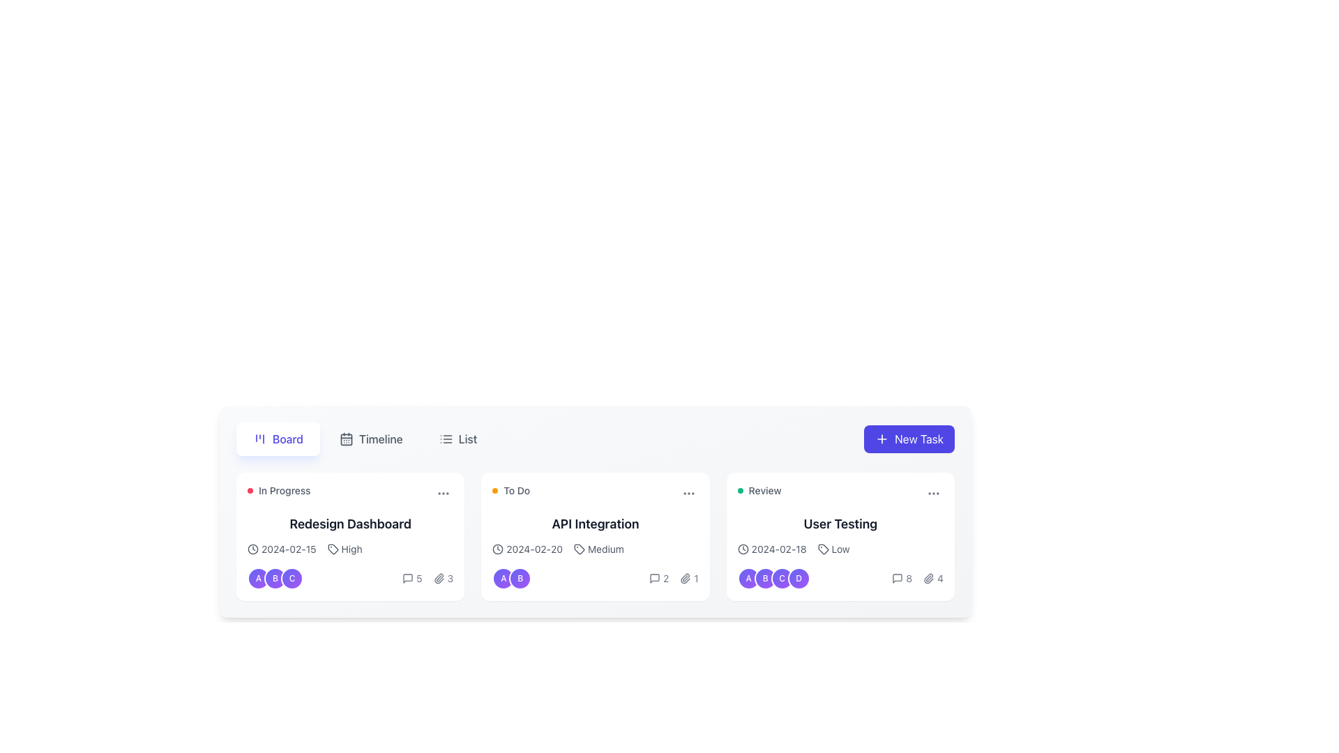 The image size is (1339, 753). What do you see at coordinates (350, 566) in the screenshot?
I see `the task metadata component located in the detail section of the 'Redesign Dashboard' task card, which includes details like due date, priority level, and associated group` at bounding box center [350, 566].